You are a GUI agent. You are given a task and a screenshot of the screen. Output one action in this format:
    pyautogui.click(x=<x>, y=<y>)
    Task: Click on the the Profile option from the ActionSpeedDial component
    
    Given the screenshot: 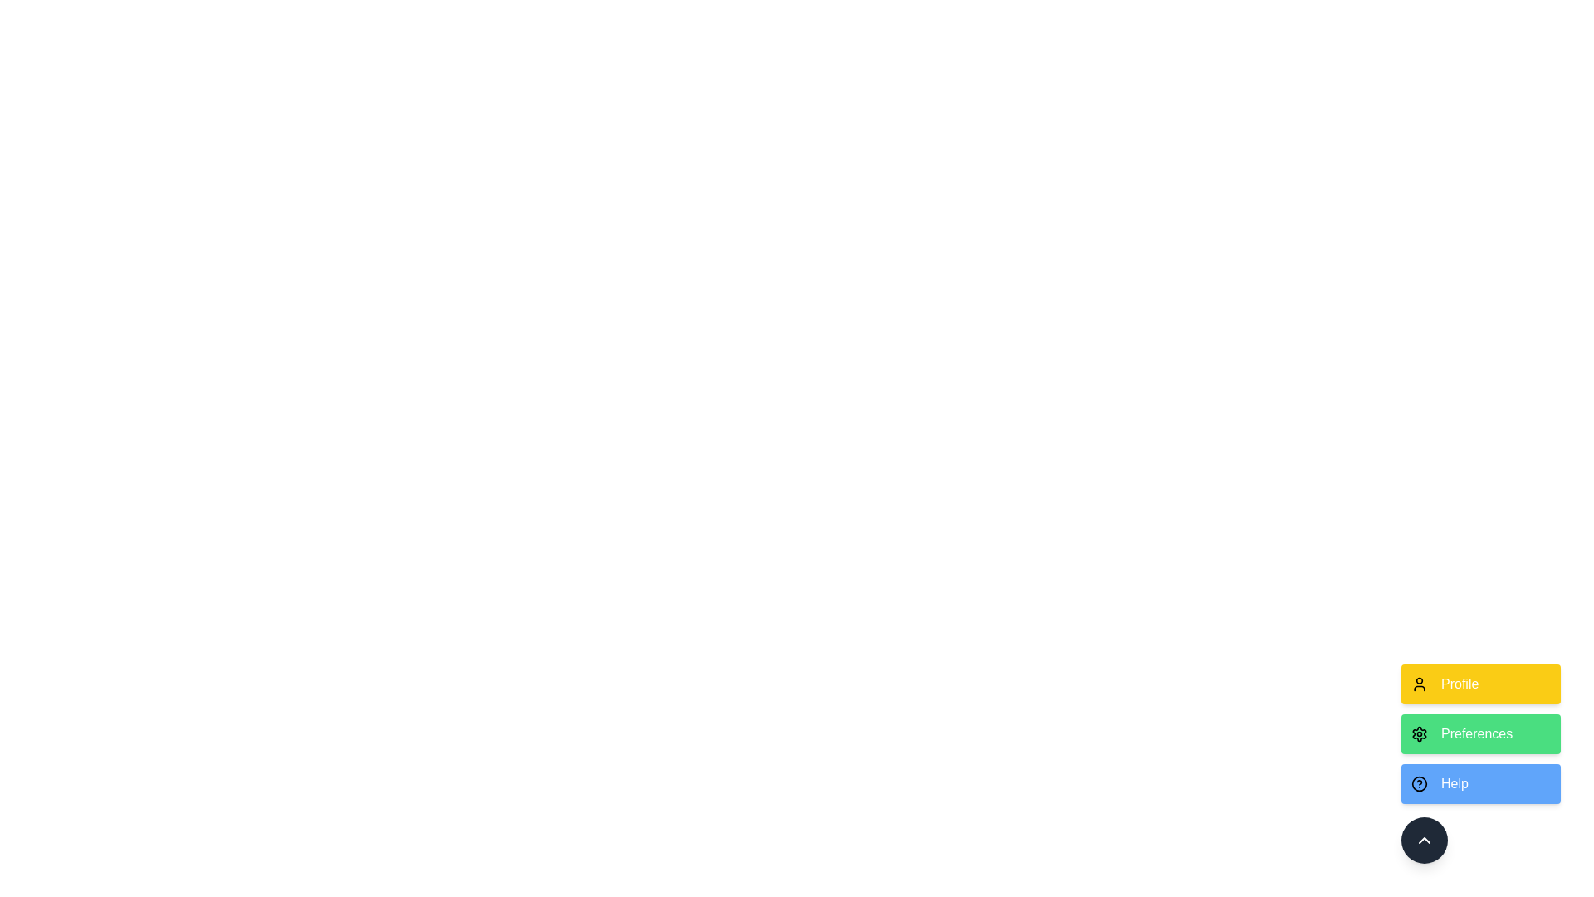 What is the action you would take?
    pyautogui.click(x=1481, y=684)
    